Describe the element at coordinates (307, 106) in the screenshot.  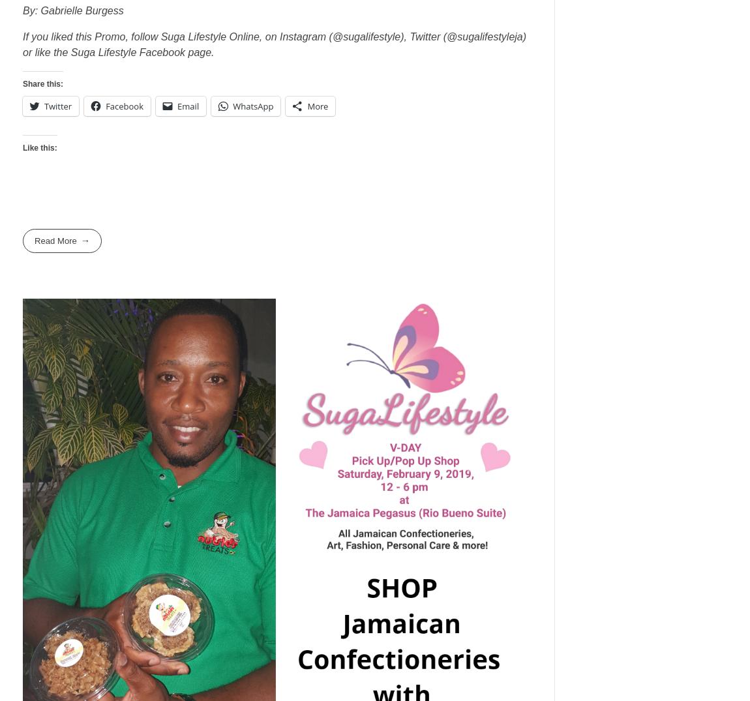
I see `'More'` at that location.